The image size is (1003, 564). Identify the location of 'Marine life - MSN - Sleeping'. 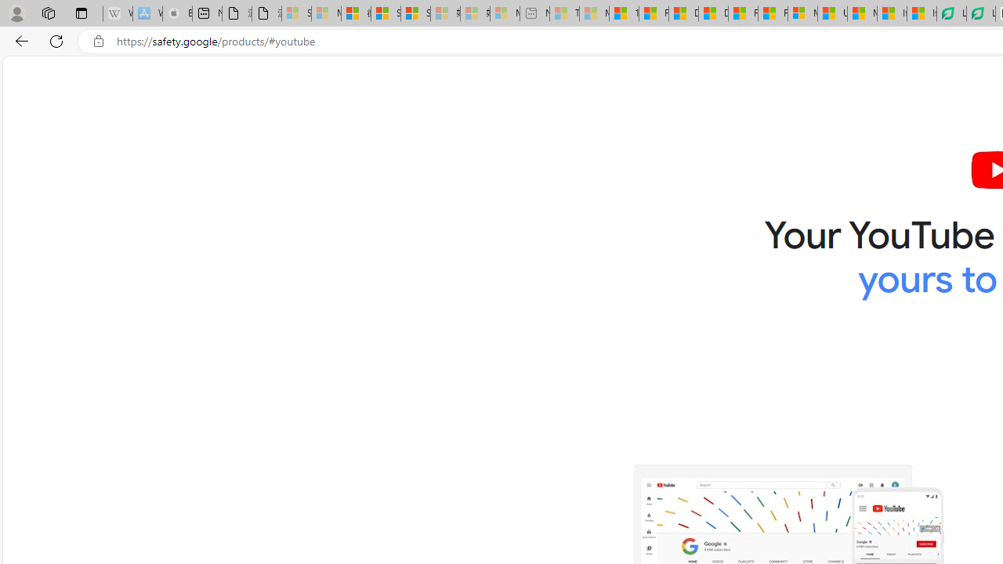
(593, 13).